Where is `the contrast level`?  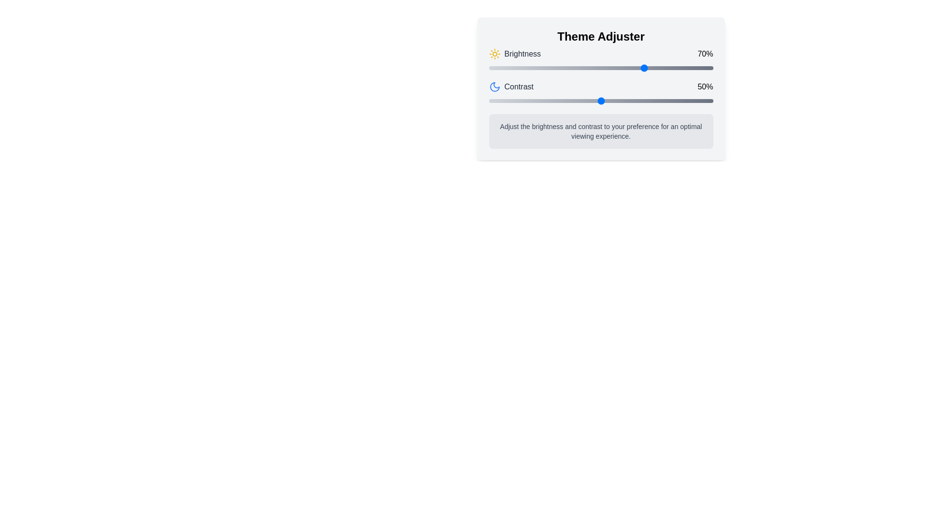 the contrast level is located at coordinates (500, 101).